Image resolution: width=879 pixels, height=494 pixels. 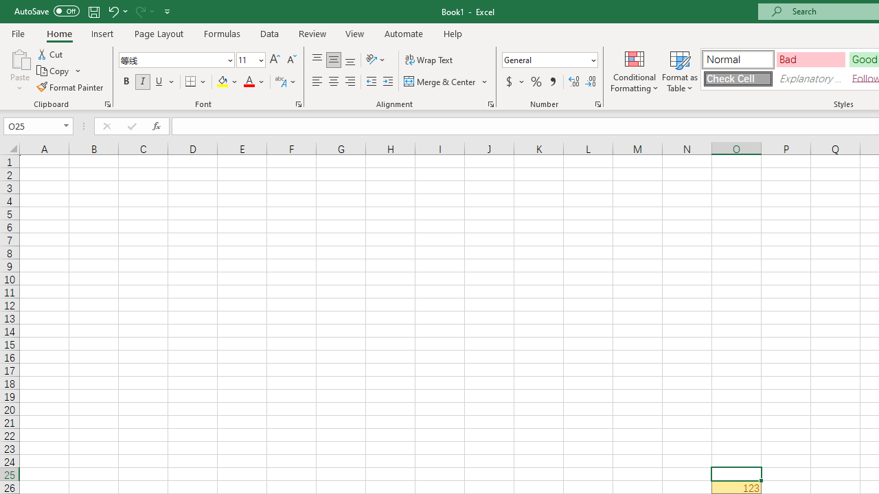 What do you see at coordinates (58, 71) in the screenshot?
I see `'Copy'` at bounding box center [58, 71].